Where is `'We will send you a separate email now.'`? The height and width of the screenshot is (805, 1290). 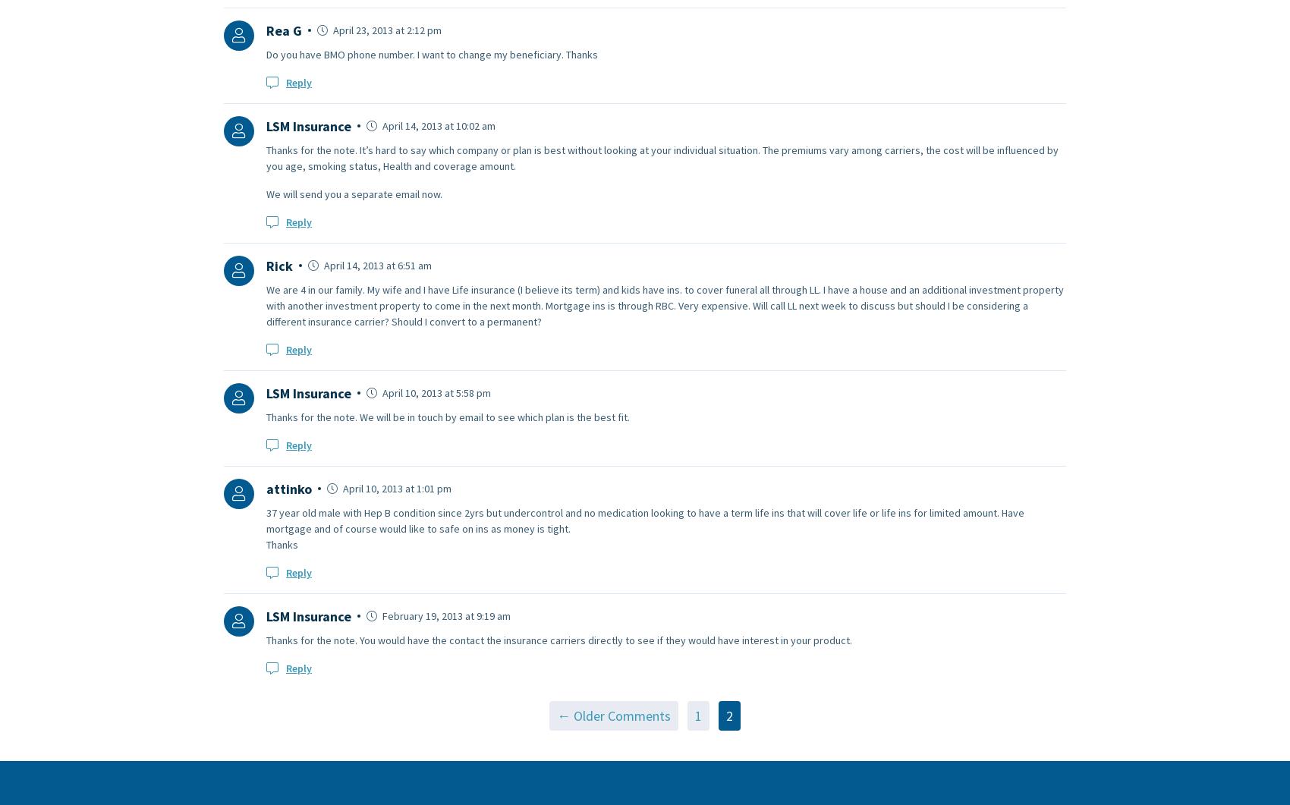 'We will send you a separate email now.' is located at coordinates (266, 192).